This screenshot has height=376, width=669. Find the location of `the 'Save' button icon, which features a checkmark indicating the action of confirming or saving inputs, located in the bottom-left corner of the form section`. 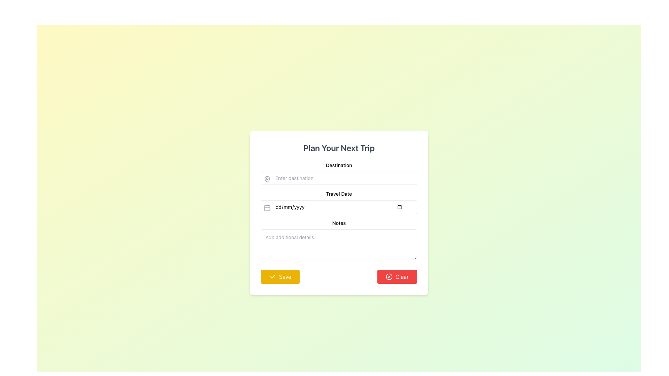

the 'Save' button icon, which features a checkmark indicating the action of confirming or saving inputs, located in the bottom-left corner of the form section is located at coordinates (272, 276).